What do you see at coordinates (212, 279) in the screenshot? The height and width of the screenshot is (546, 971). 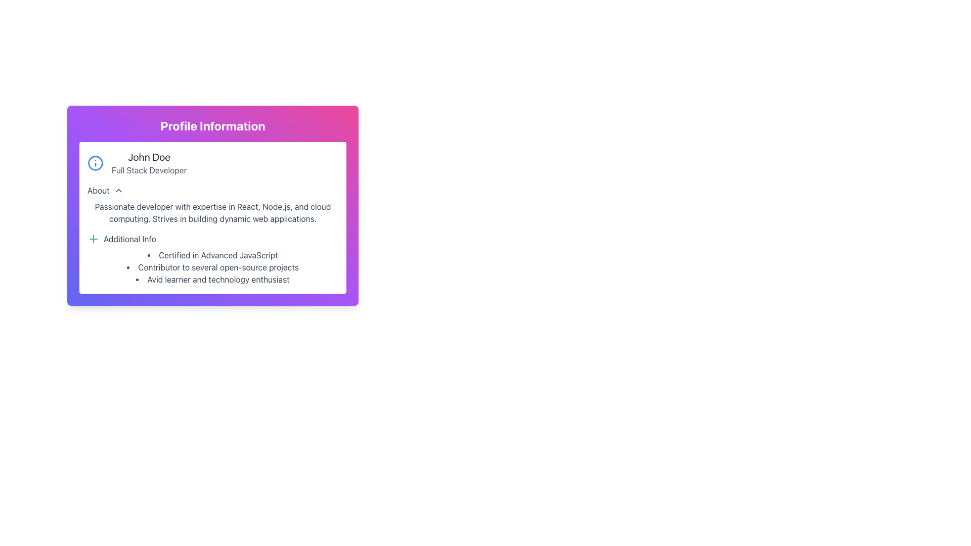 I see `the list item displaying the text 'Avid learner and technology enthusiast' in the 'Additional Info' section of the profile card` at bounding box center [212, 279].